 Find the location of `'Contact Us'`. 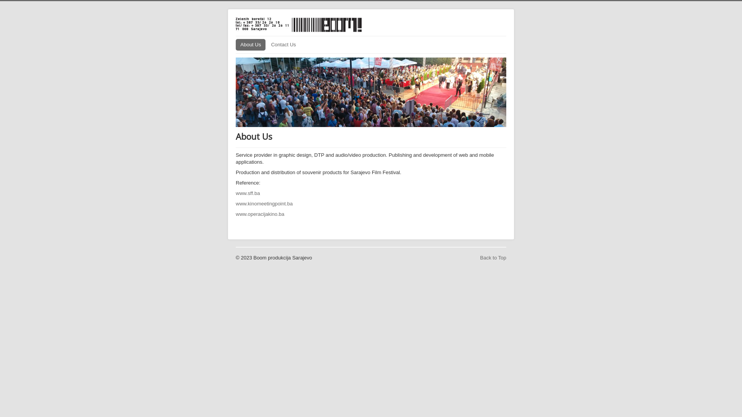

'Contact Us' is located at coordinates (283, 44).